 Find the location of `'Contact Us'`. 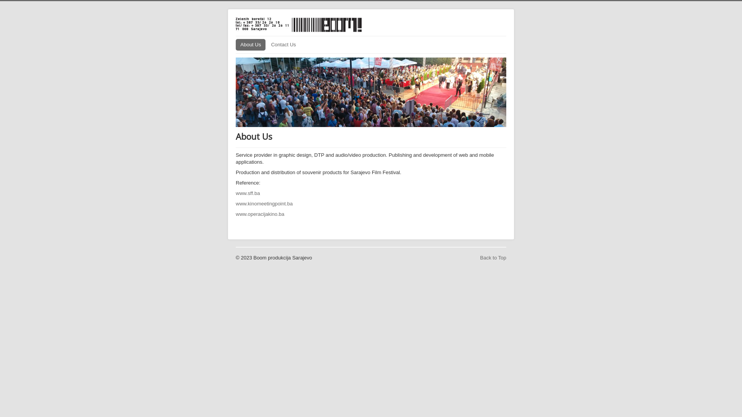

'Contact Us' is located at coordinates (283, 44).